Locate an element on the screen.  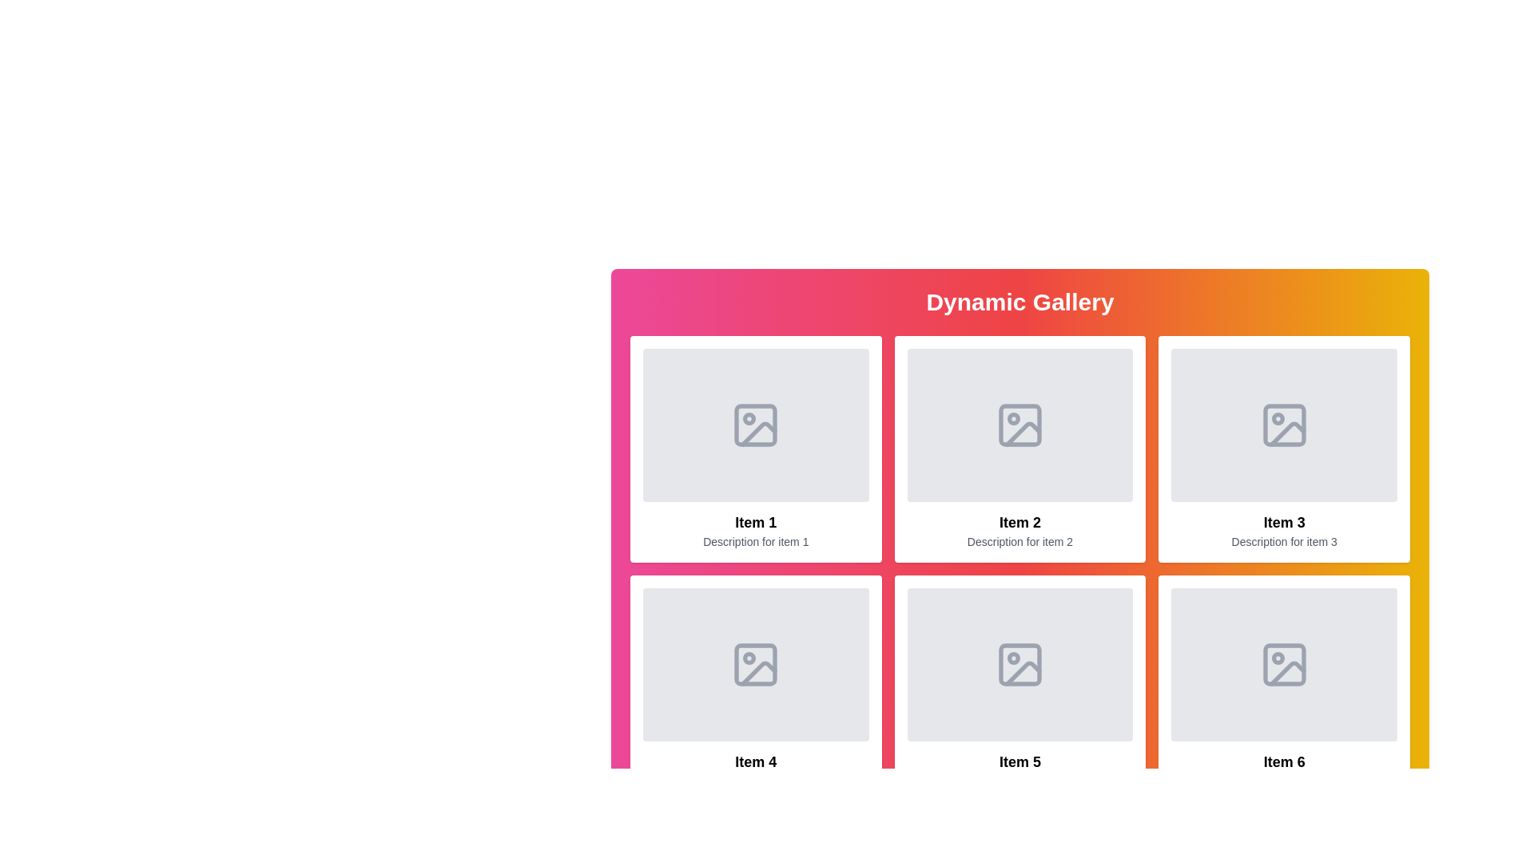
the small square with rounded corners styled in a light neutral color that serves as a non-interactive placeholder for an image inside the 'Item 4' card in the gallery layout is located at coordinates (755, 665).